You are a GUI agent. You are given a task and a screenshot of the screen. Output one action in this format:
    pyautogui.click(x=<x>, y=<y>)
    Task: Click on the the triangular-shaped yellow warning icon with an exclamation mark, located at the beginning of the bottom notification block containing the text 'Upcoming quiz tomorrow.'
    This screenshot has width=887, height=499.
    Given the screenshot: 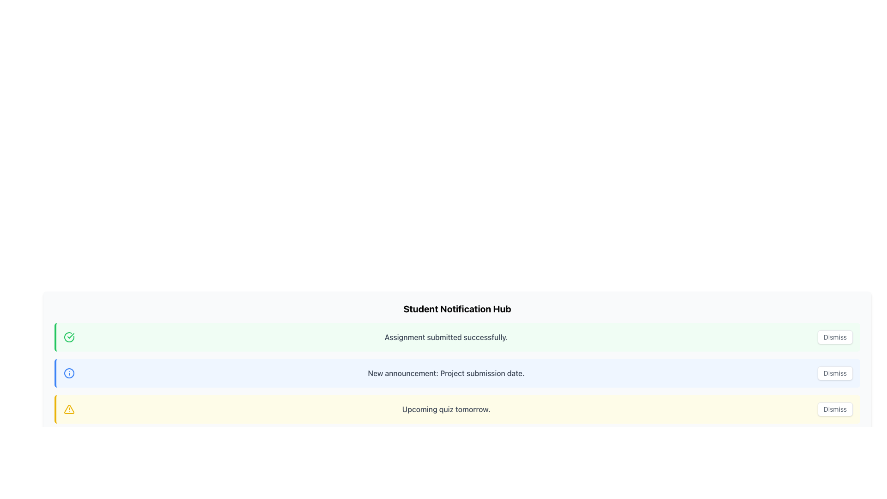 What is the action you would take?
    pyautogui.click(x=68, y=409)
    